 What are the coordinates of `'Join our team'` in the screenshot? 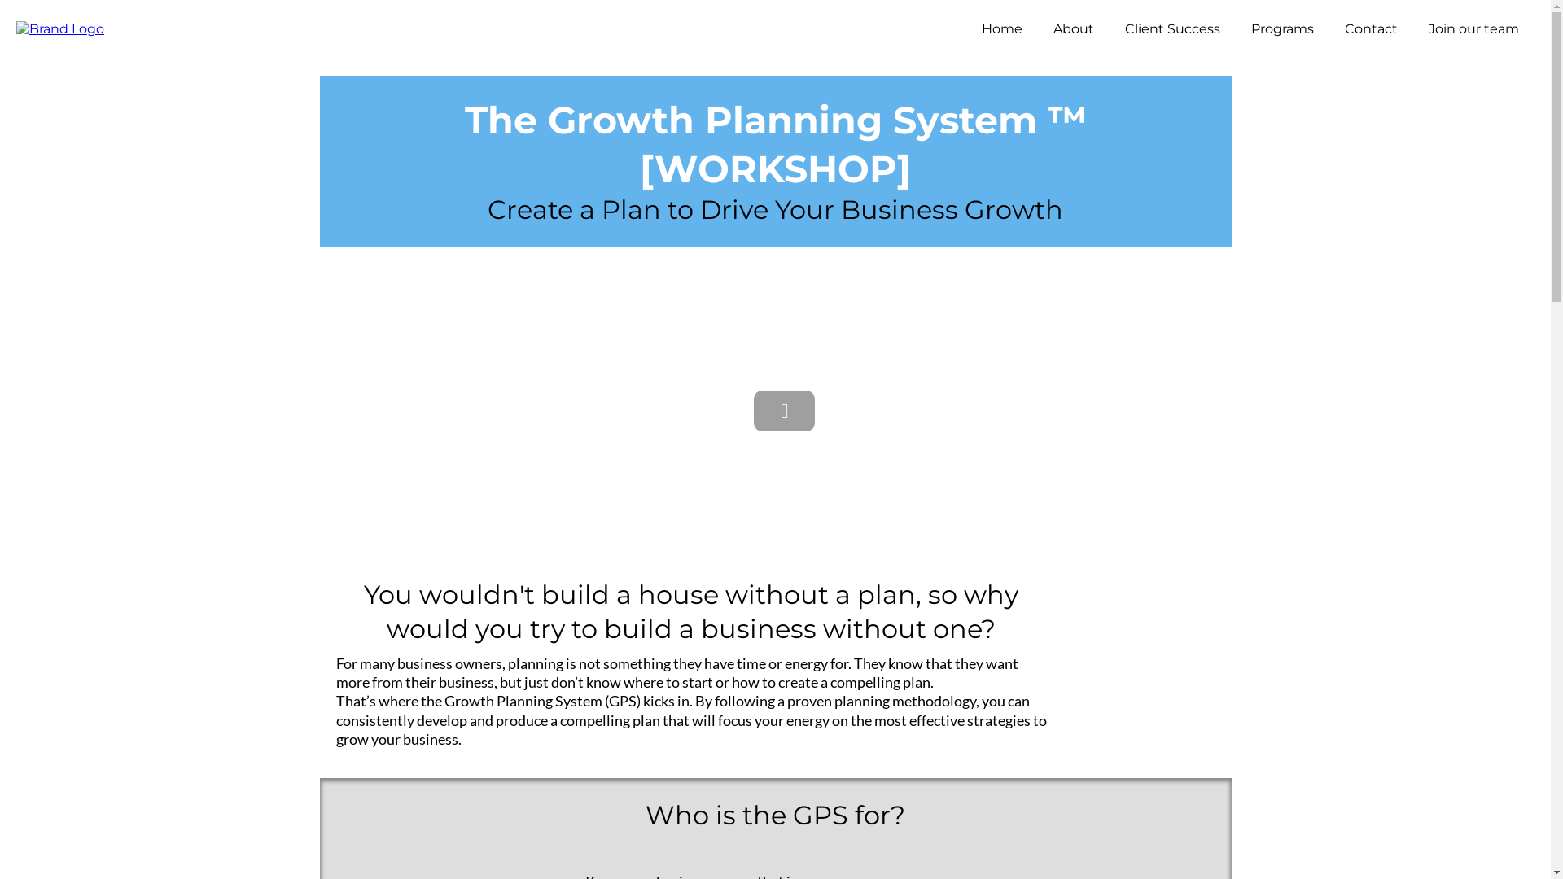 It's located at (1412, 29).